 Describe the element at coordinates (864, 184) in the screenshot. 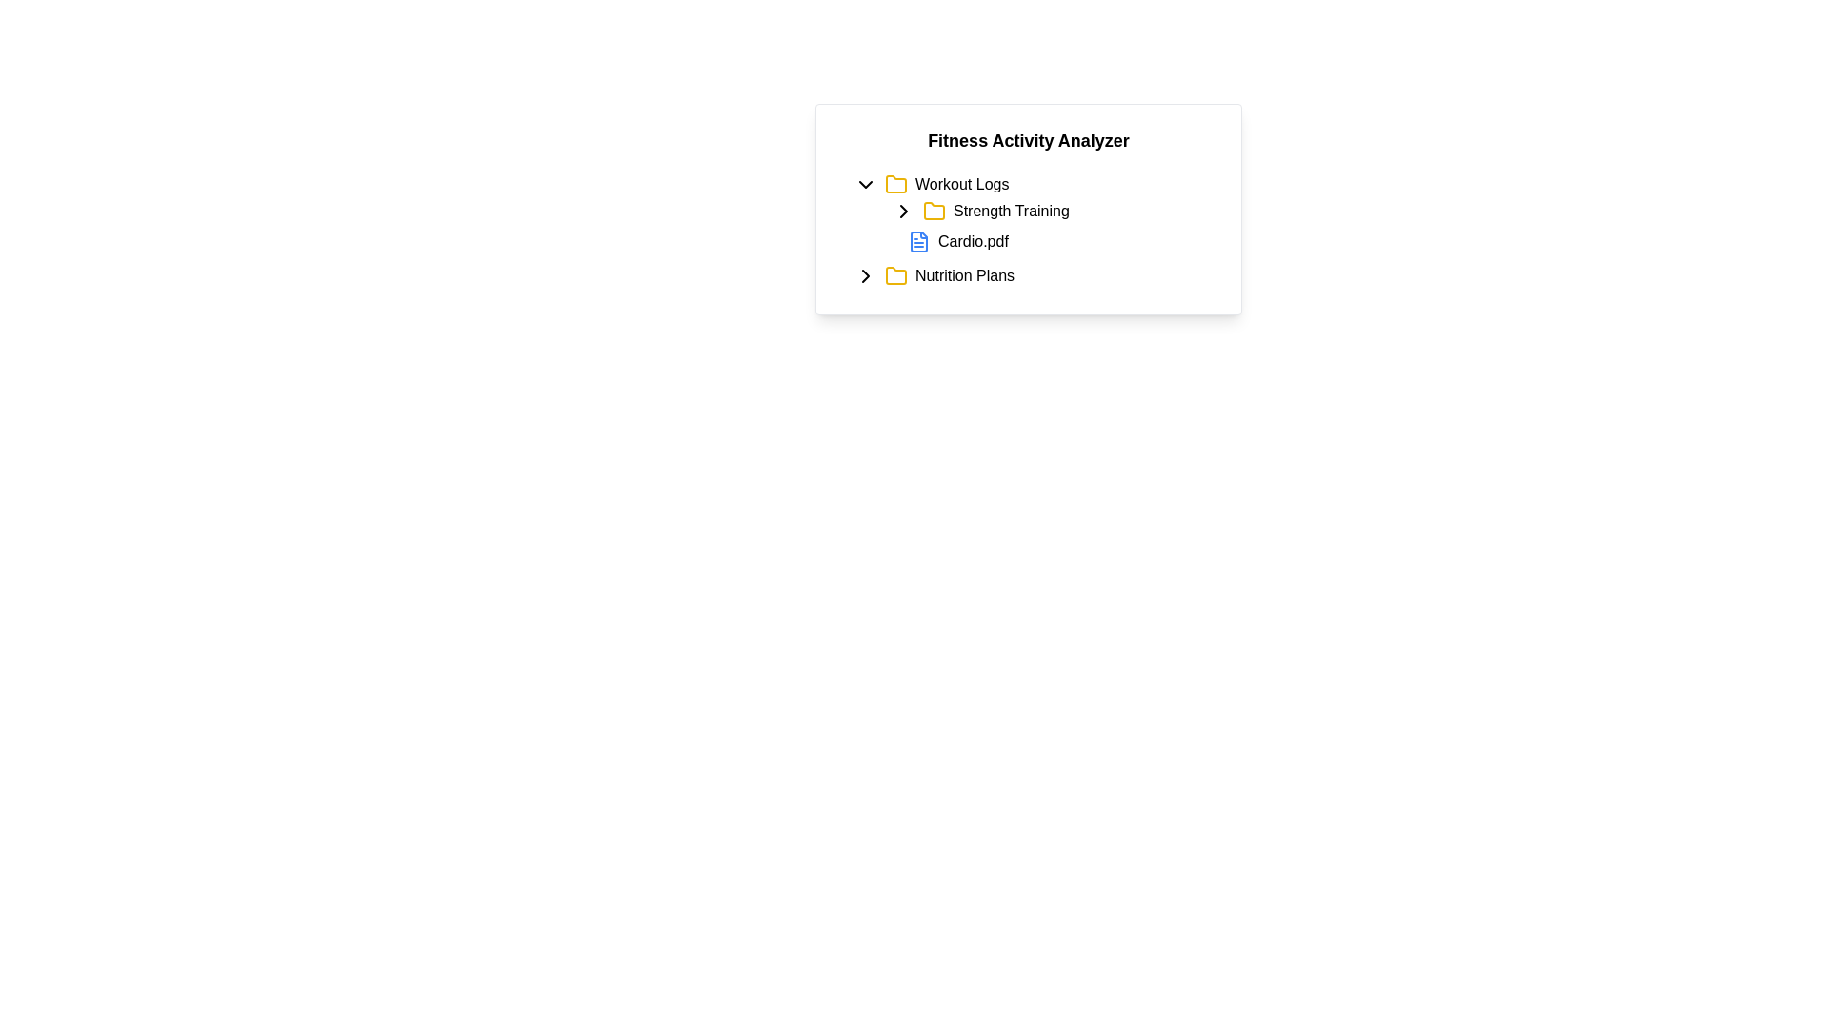

I see `the downward-pointing chevron icon located to the left of the 'Workout Logs' label` at that location.